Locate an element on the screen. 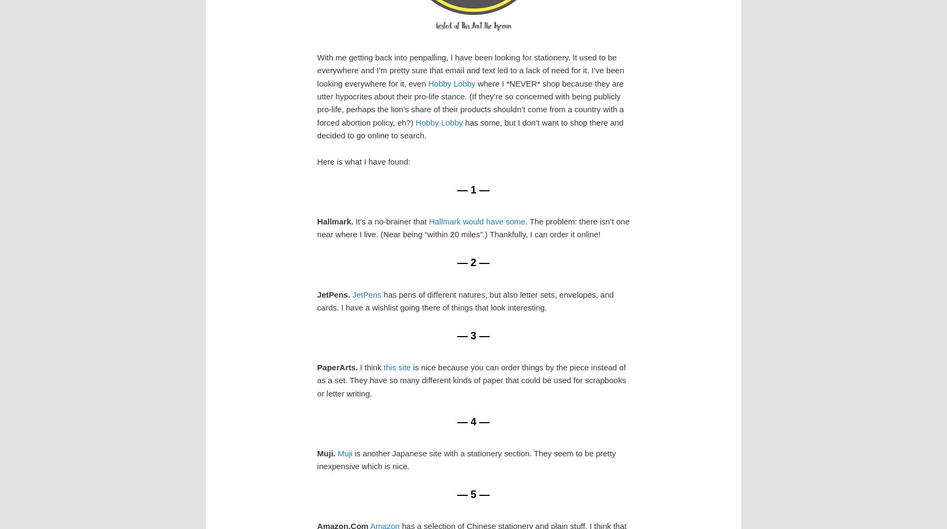 The image size is (947, 529). 'With me getting back into penpalling, I have been looking for stationery. It used to be everywhere and I’m pretty sure that email and text led to a lack of need for it. I’ve been looking everywhere for it, even' is located at coordinates (470, 69).